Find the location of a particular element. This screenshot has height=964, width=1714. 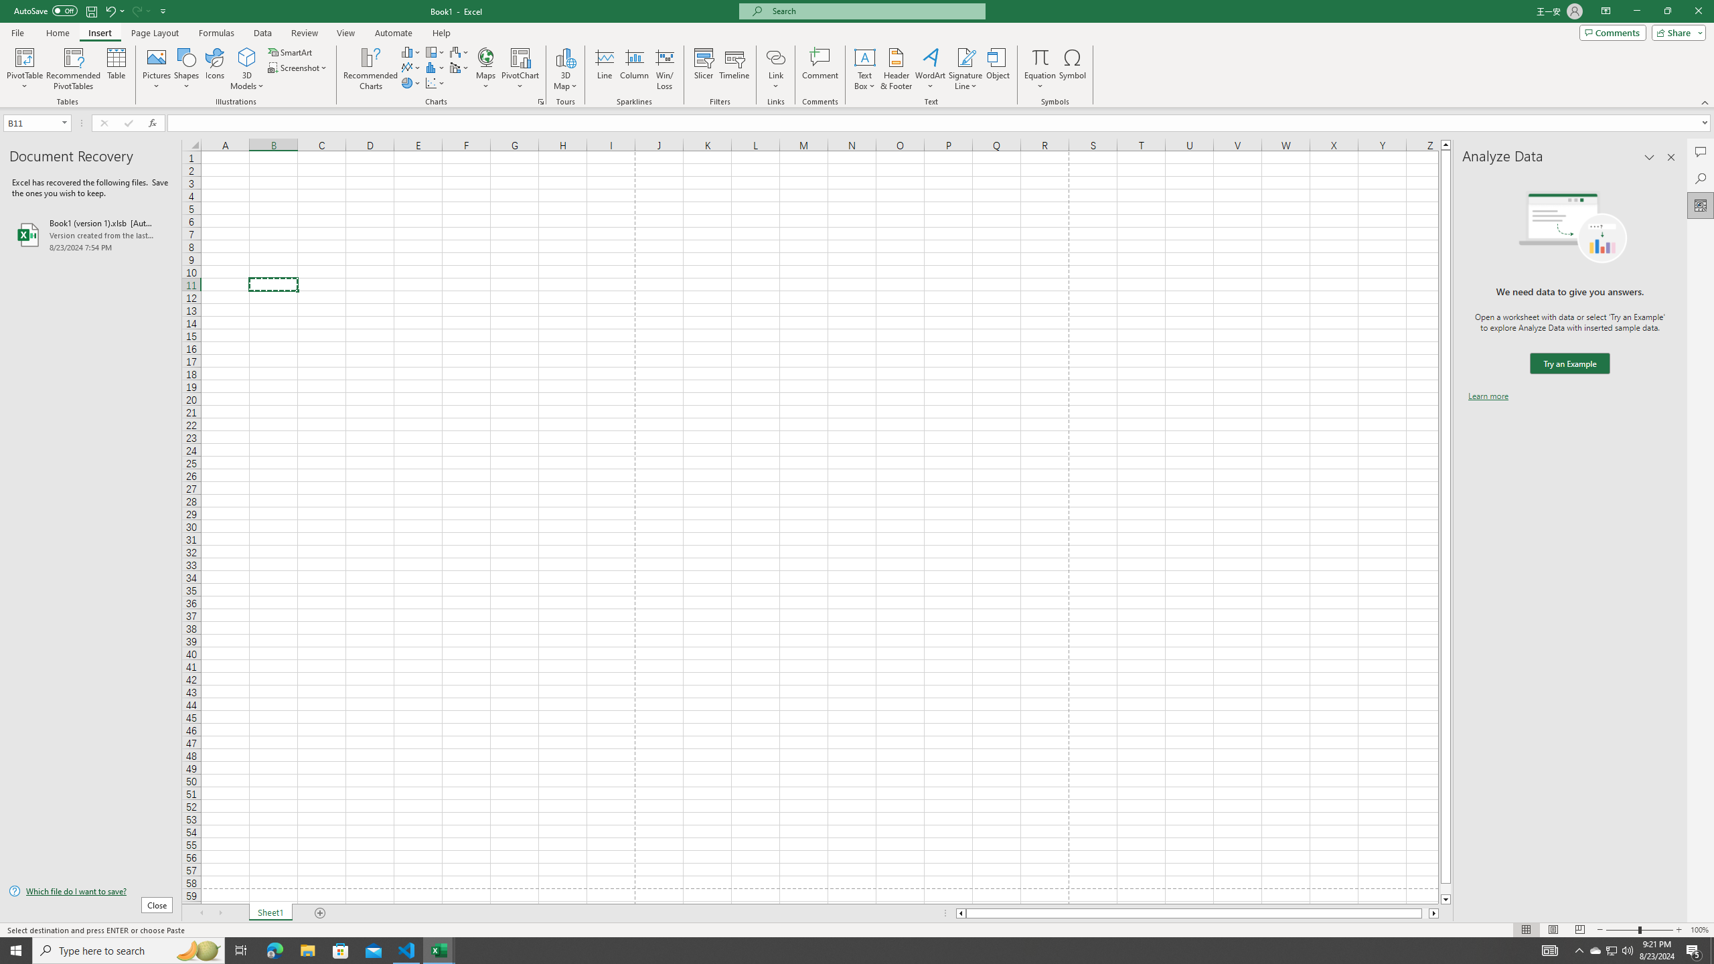

'Recommended PivotTables' is located at coordinates (74, 69).